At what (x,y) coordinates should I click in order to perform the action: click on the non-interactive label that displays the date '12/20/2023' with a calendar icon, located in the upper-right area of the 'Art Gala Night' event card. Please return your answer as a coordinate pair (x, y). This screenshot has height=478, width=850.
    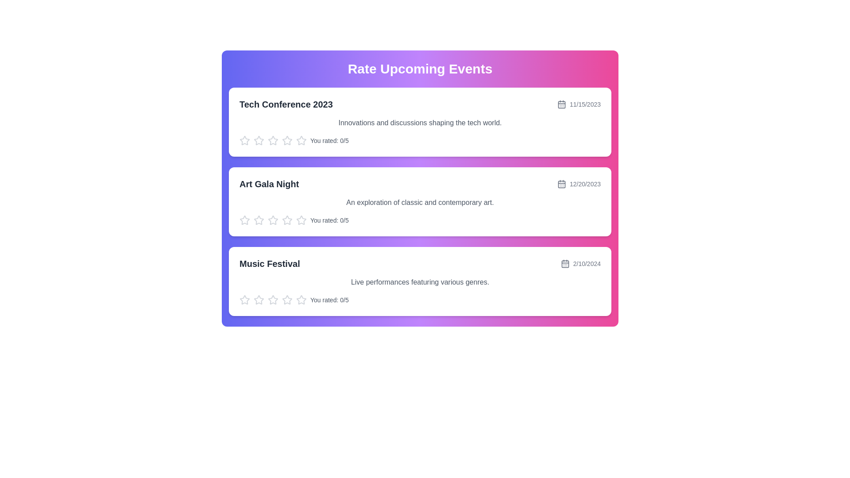
    Looking at the image, I should click on (579, 184).